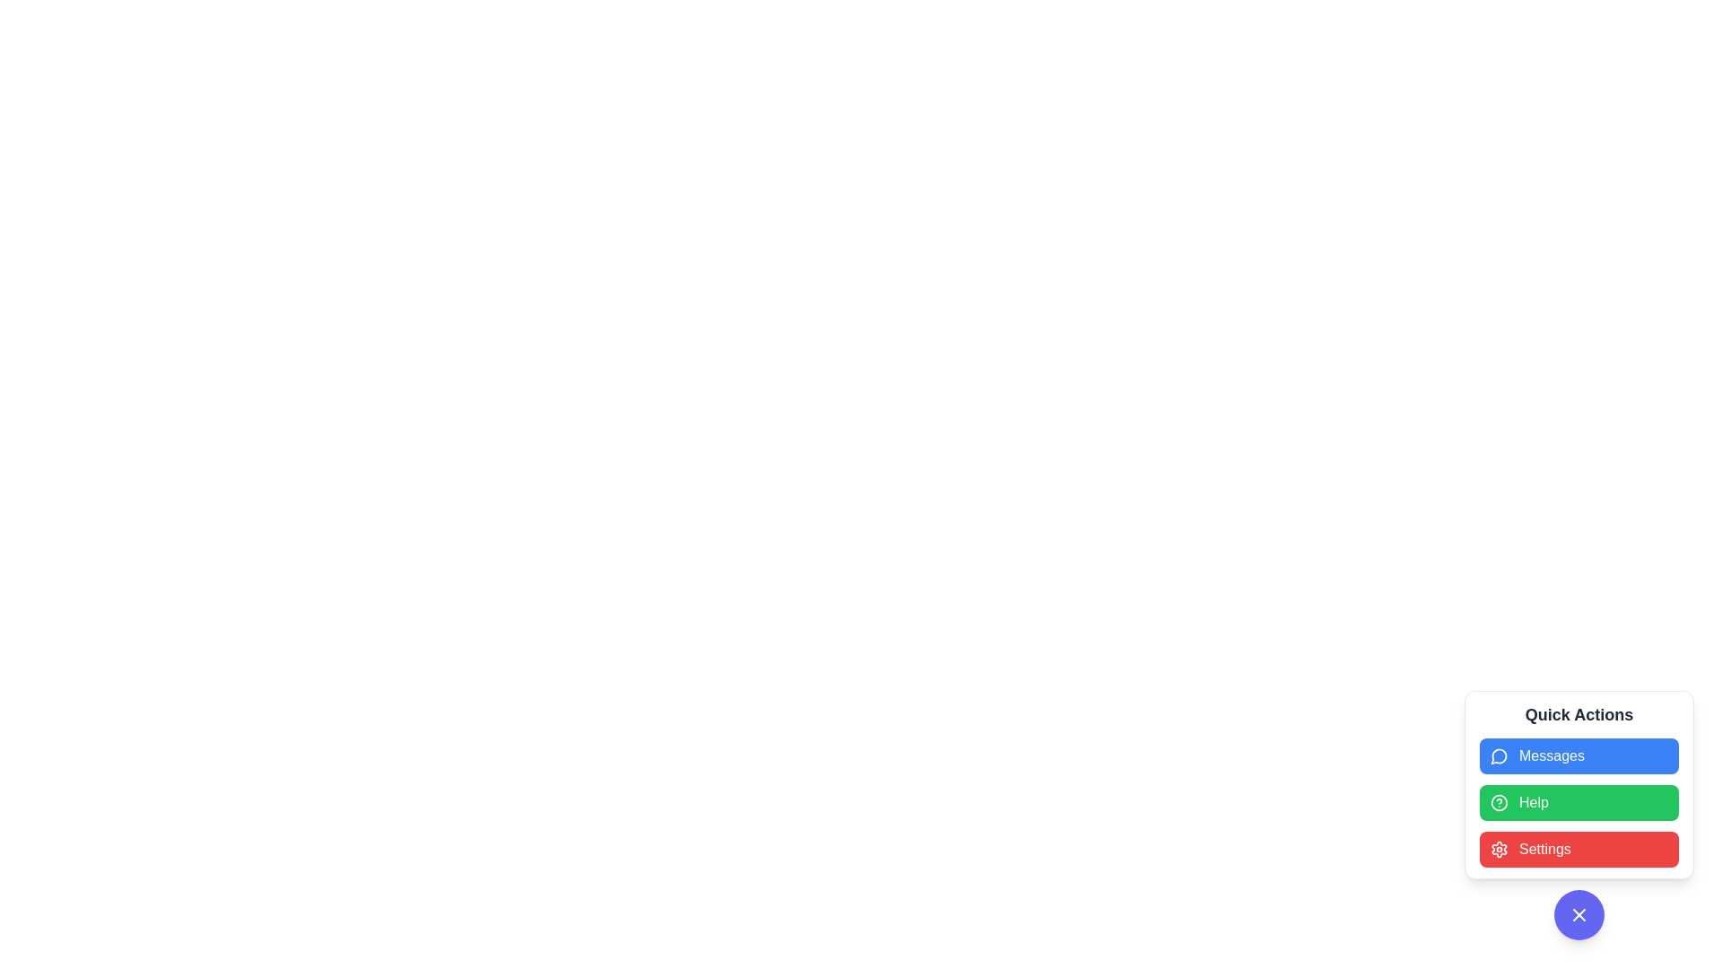 The width and height of the screenshot is (1723, 969). I want to click on the help button located in the 'Quick Actions' menu, positioned between the blue 'Messages' button and the red 'Settings' button, so click(1579, 801).